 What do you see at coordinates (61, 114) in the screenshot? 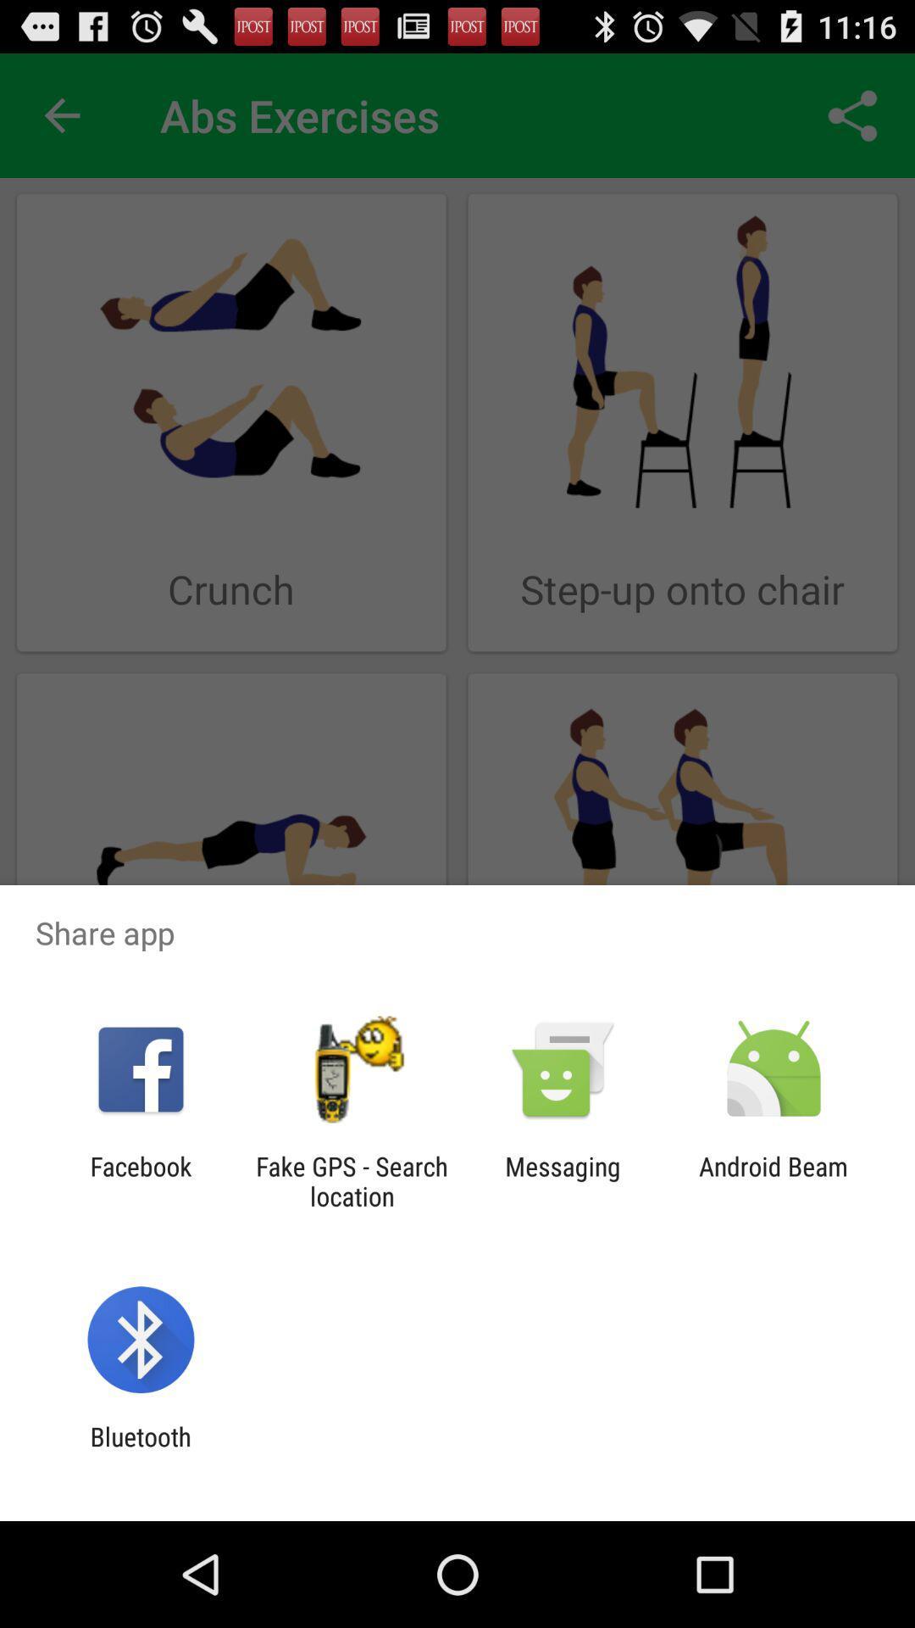
I see `the item next to the abs exercises app` at bounding box center [61, 114].